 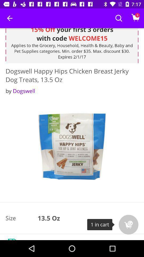 I want to click on 5 lines text which is the top of the page, so click(x=72, y=45).